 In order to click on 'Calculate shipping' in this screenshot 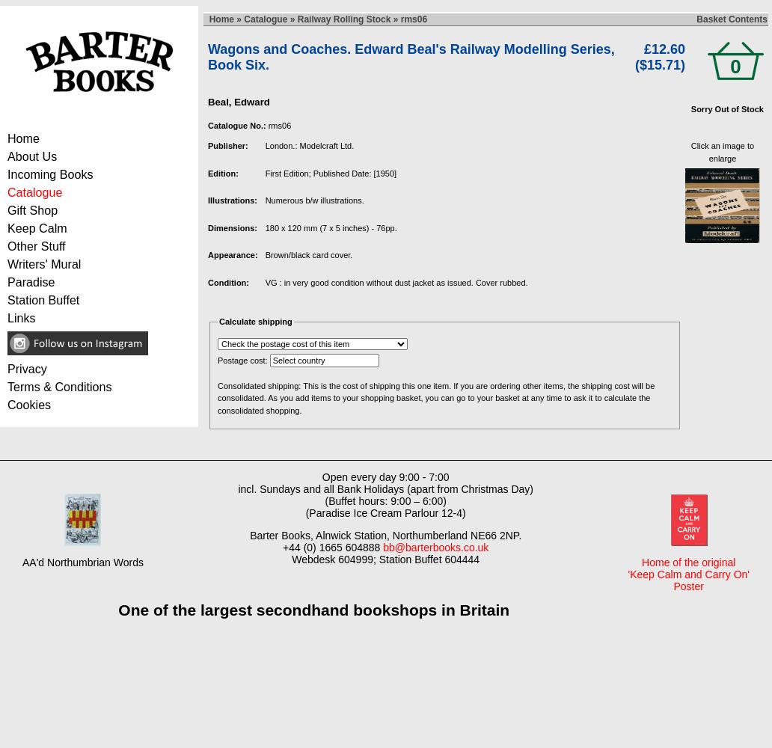, I will do `click(218, 322)`.